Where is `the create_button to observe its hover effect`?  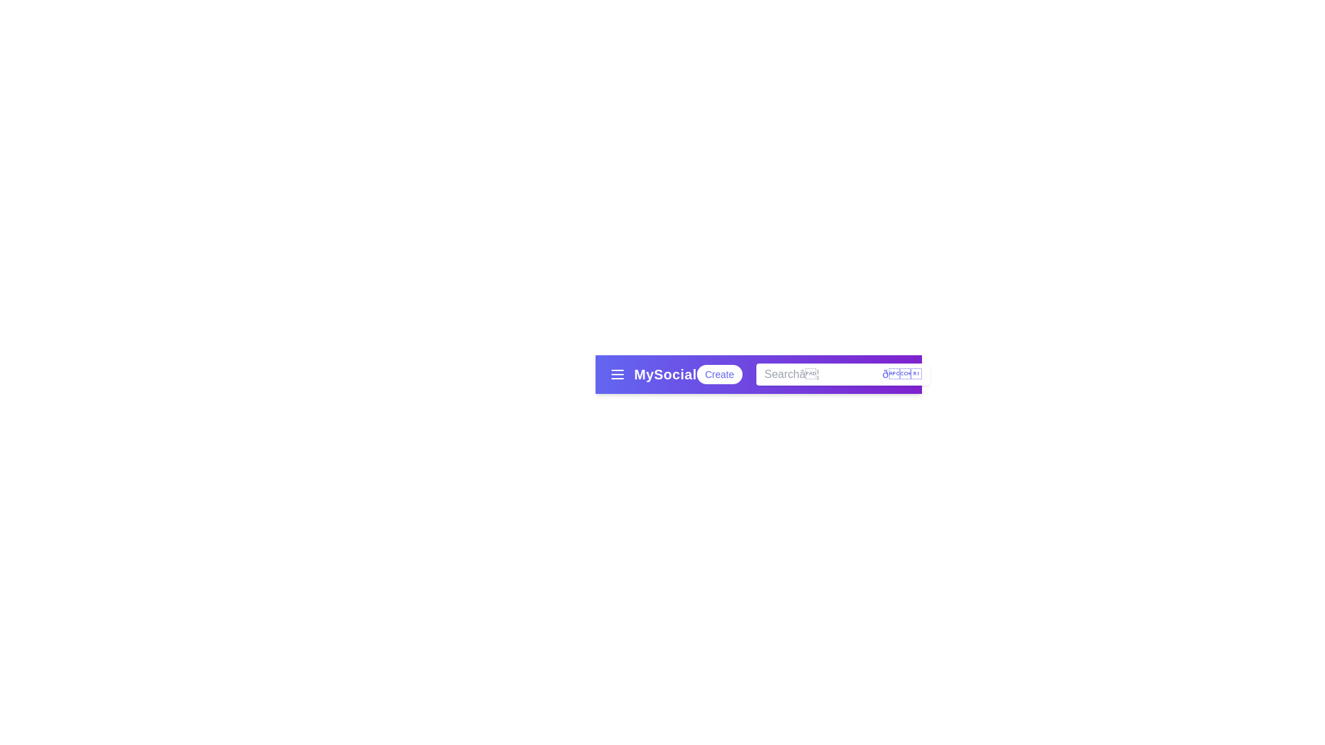 the create_button to observe its hover effect is located at coordinates (718, 375).